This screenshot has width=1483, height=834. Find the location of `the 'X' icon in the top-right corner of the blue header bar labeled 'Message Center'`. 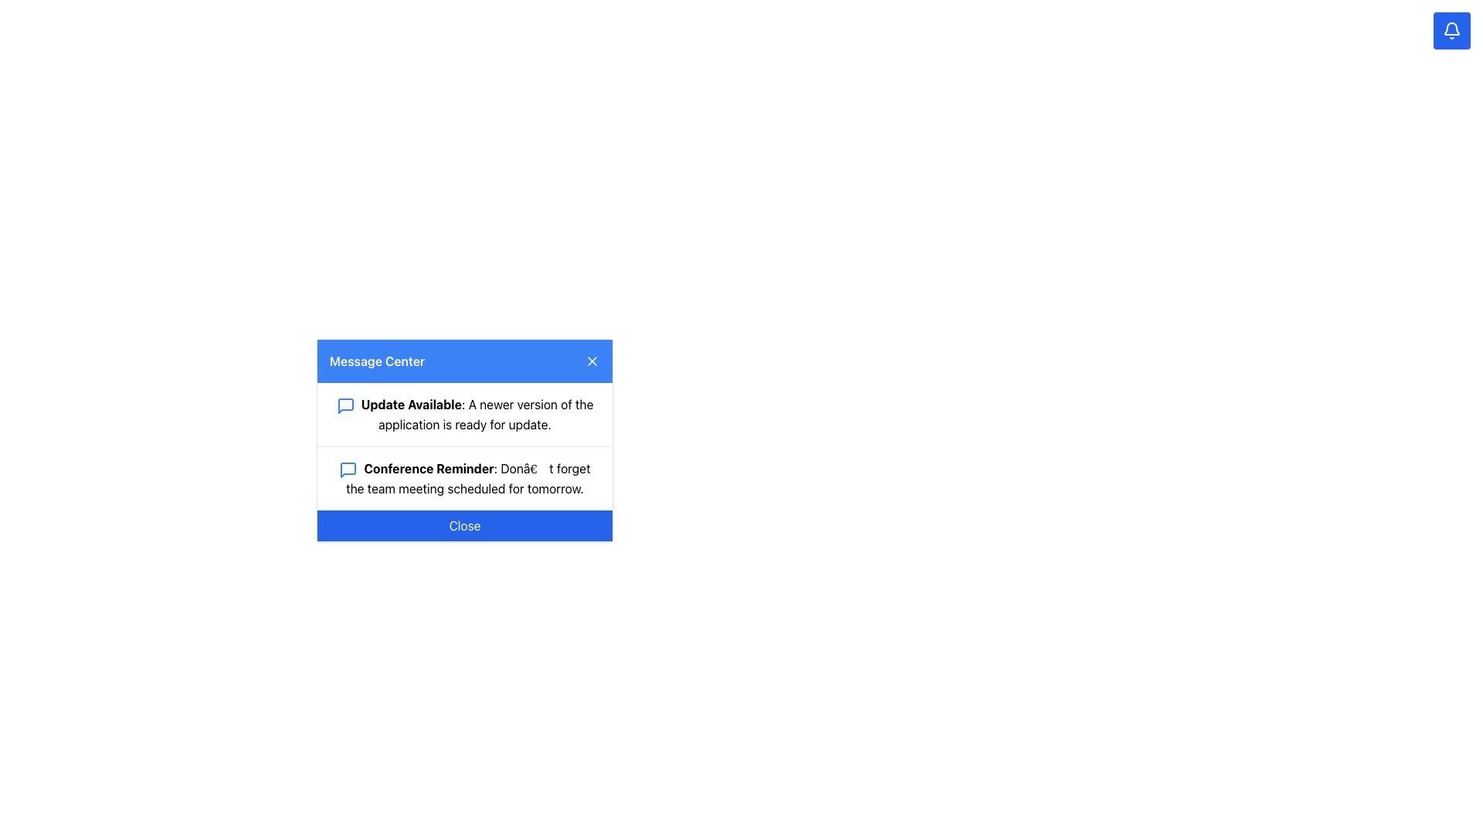

the 'X' icon in the top-right corner of the blue header bar labeled 'Message Center' is located at coordinates (592, 361).